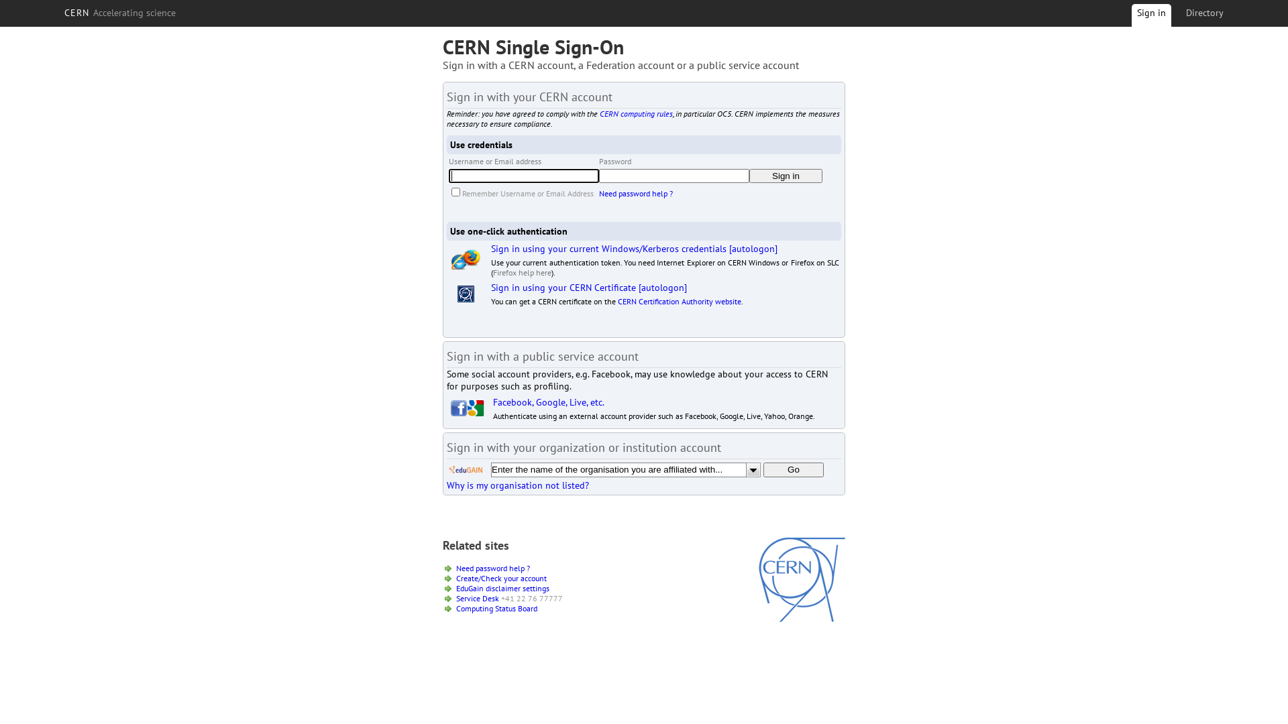 This screenshot has height=724, width=1288. Describe the element at coordinates (492, 568) in the screenshot. I see `'Need password help ?'` at that location.